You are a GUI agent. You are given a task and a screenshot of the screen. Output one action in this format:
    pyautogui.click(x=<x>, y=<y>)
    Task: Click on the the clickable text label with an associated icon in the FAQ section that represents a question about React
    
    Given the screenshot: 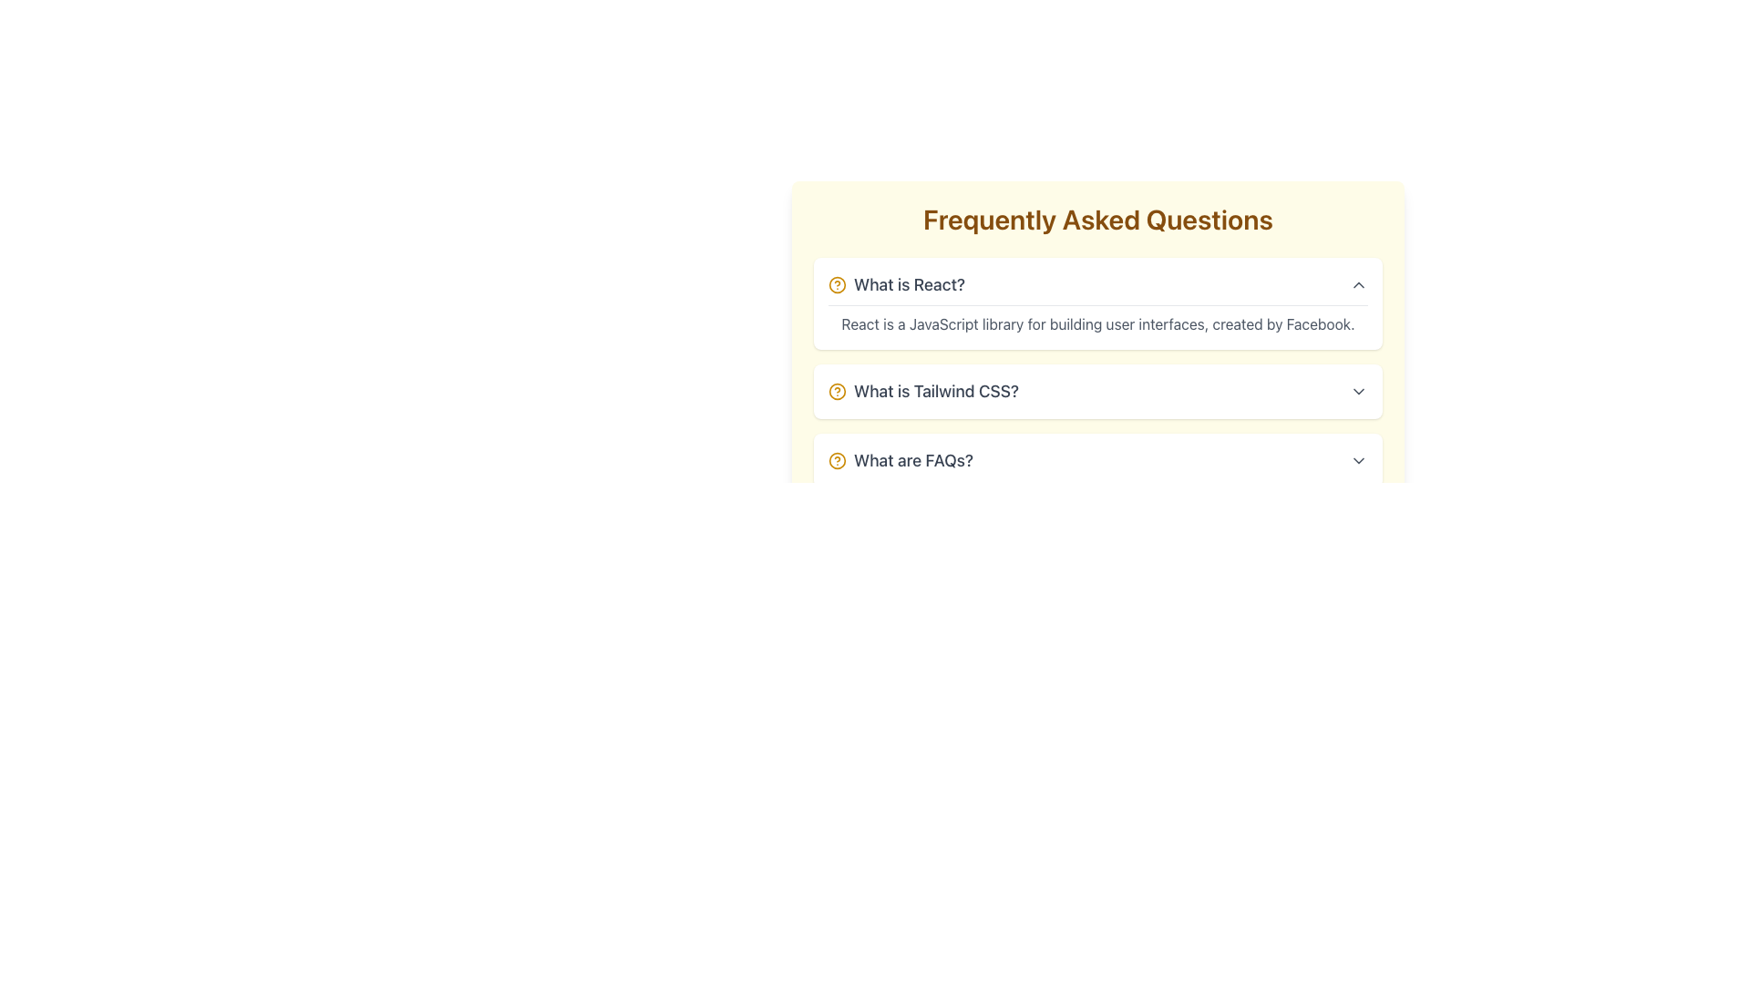 What is the action you would take?
    pyautogui.click(x=896, y=284)
    